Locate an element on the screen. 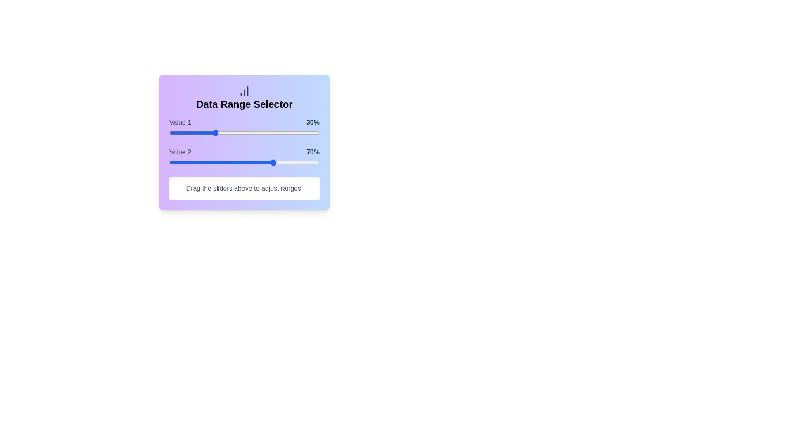 Image resolution: width=793 pixels, height=446 pixels. the Value 2 slider to 49% is located at coordinates (242, 162).